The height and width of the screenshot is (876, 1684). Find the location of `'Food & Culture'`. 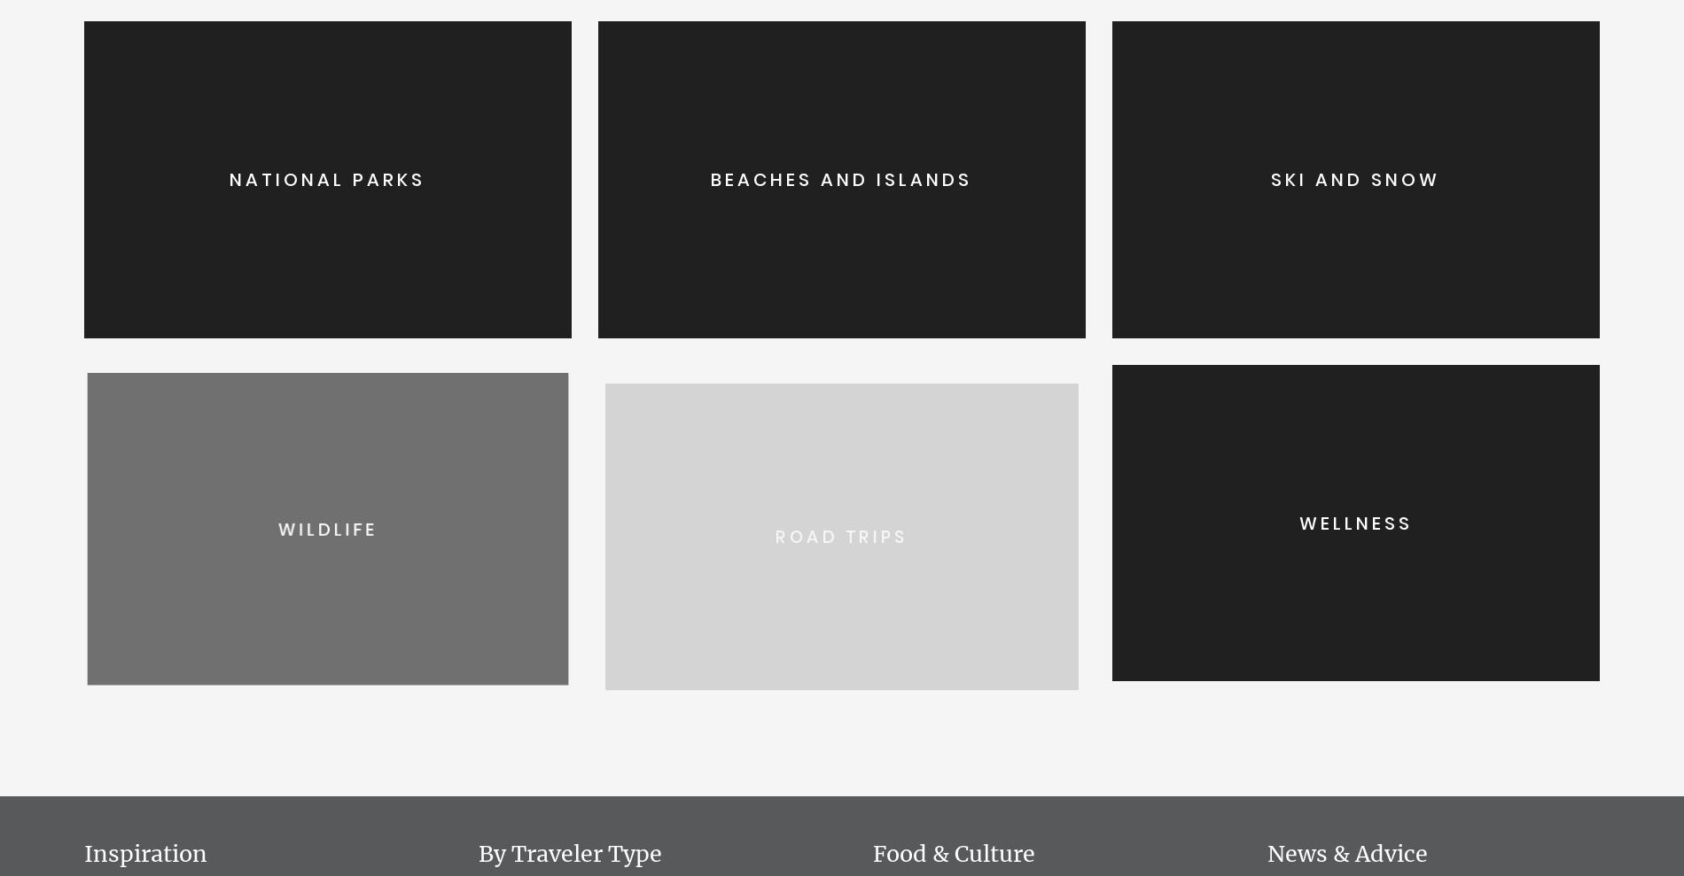

'Food & Culture' is located at coordinates (954, 853).